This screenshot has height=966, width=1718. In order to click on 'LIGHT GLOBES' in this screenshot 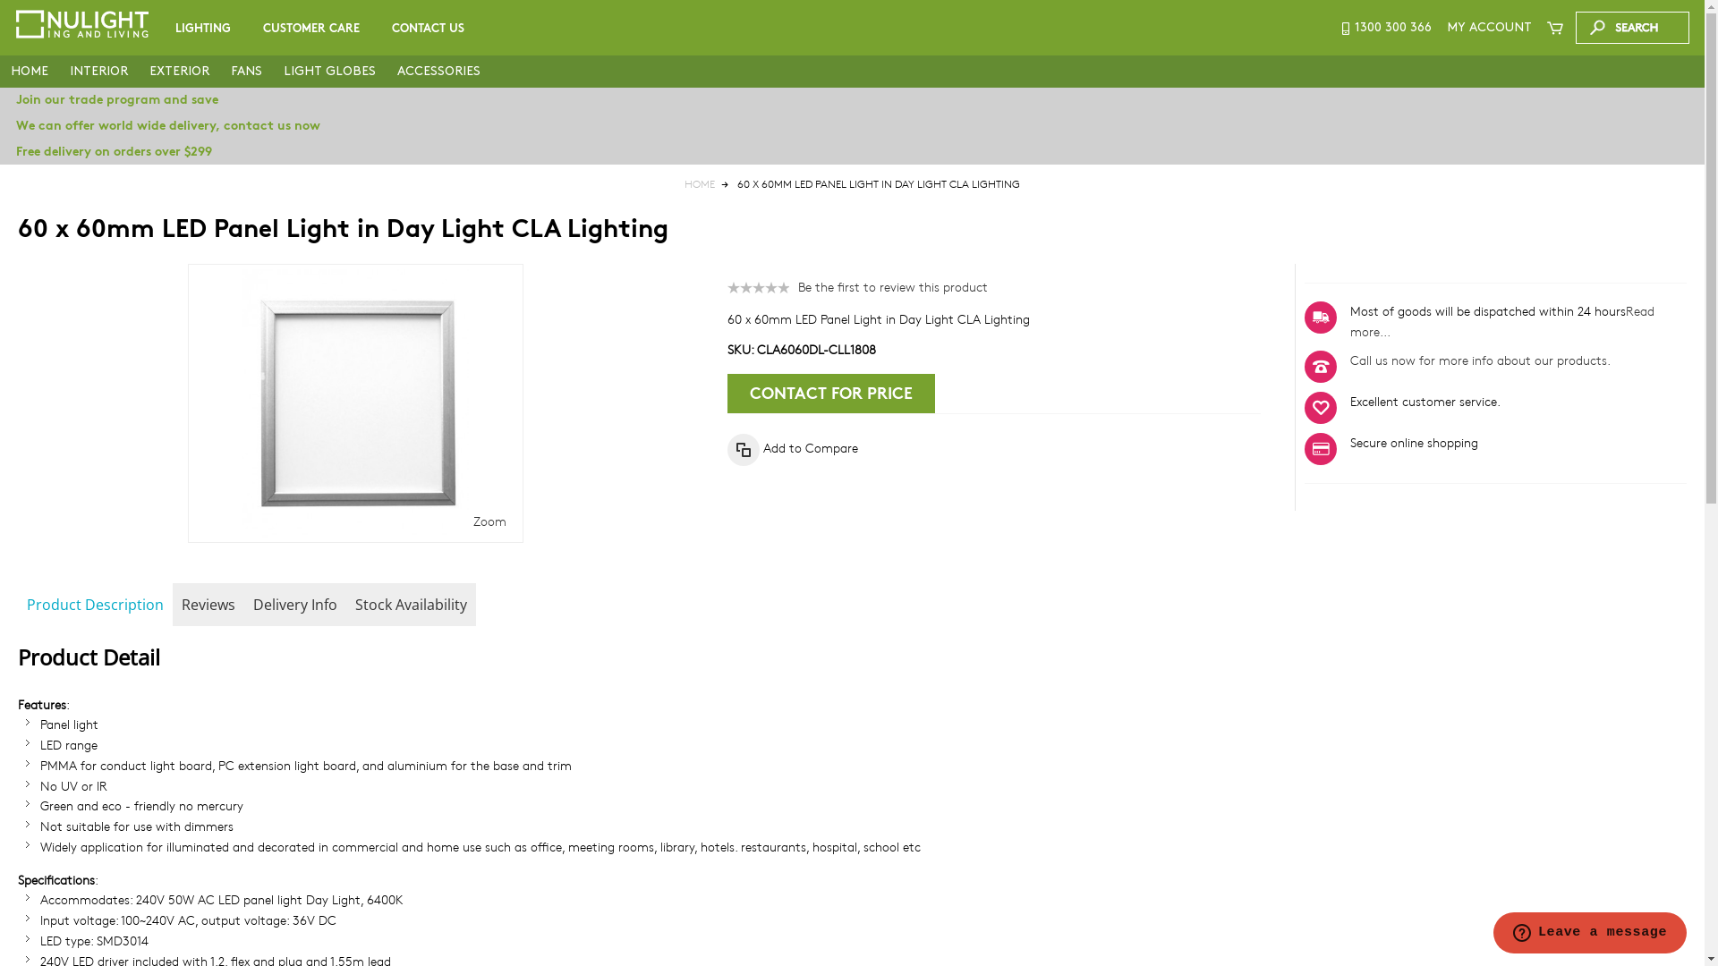, I will do `click(329, 71)`.